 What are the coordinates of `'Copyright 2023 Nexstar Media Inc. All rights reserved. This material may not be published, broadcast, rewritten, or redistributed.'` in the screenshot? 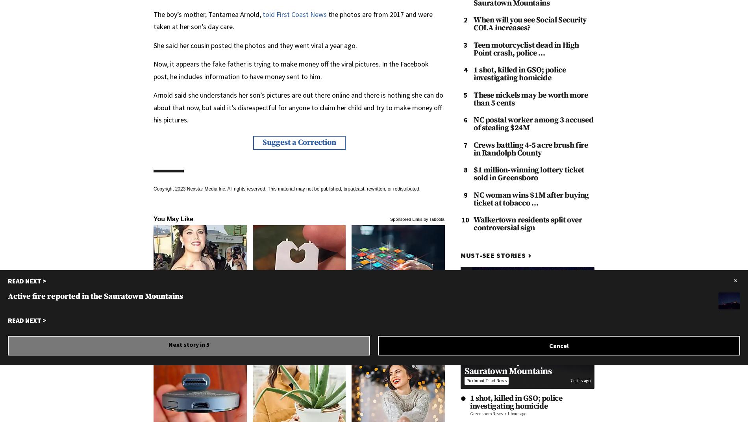 It's located at (287, 188).